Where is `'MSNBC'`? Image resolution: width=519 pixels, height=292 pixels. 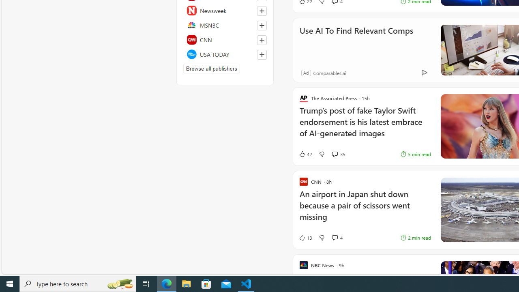 'MSNBC' is located at coordinates (225, 24).